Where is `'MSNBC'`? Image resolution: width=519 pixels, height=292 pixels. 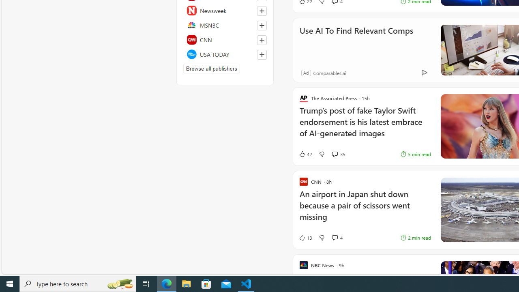 'MSNBC' is located at coordinates (225, 24).